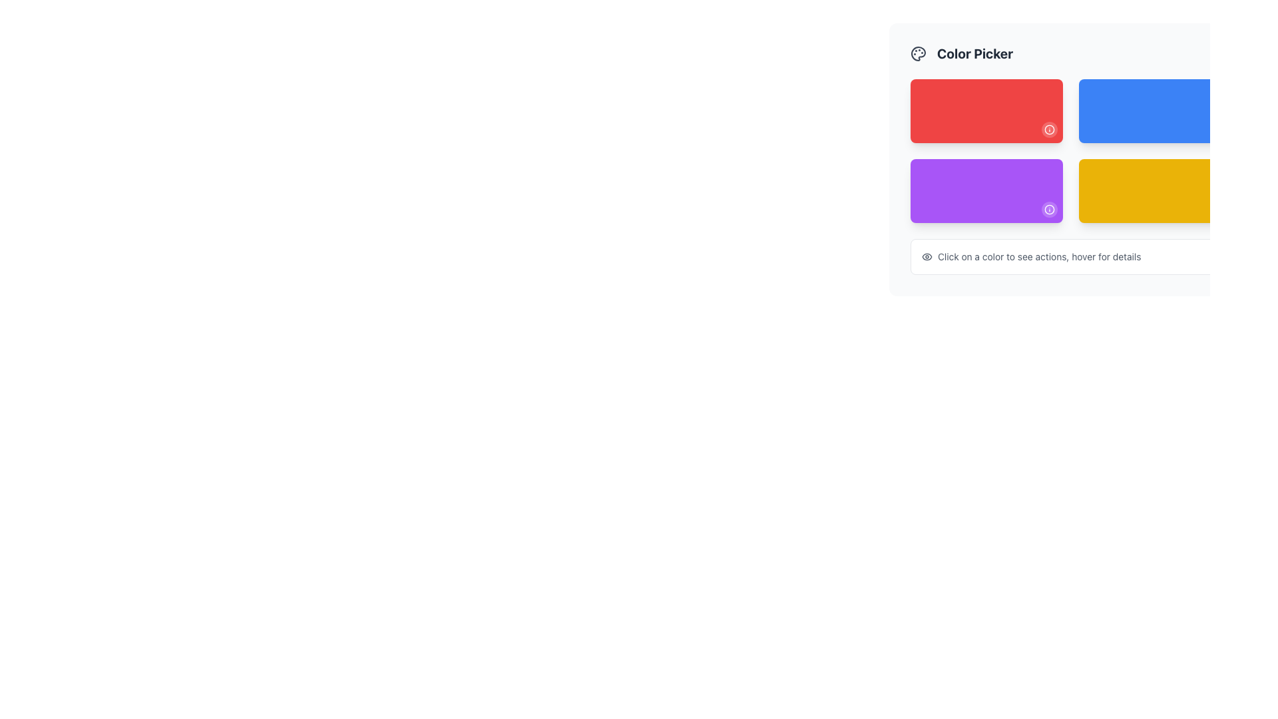  Describe the element at coordinates (974, 53) in the screenshot. I see `the Text Label that serves as a descriptive title for the section, positioned to the right of a palette icon and centrally aligned in the header area` at that location.